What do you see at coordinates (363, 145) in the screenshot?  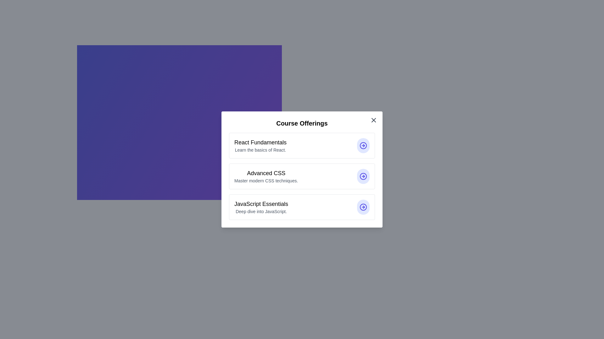 I see `the circular icon button with a right-pointing arrow, styled with a blue border and white interior, located in the 'Course Offerings' modal next to 'React Fundamentals'` at bounding box center [363, 145].